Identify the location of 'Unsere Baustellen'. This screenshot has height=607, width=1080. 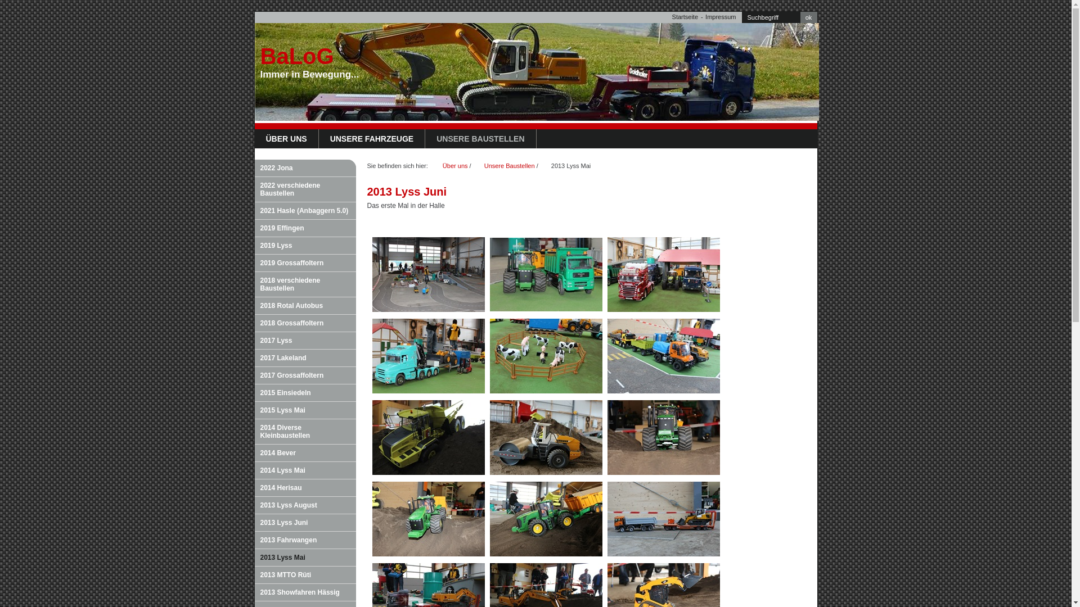
(509, 165).